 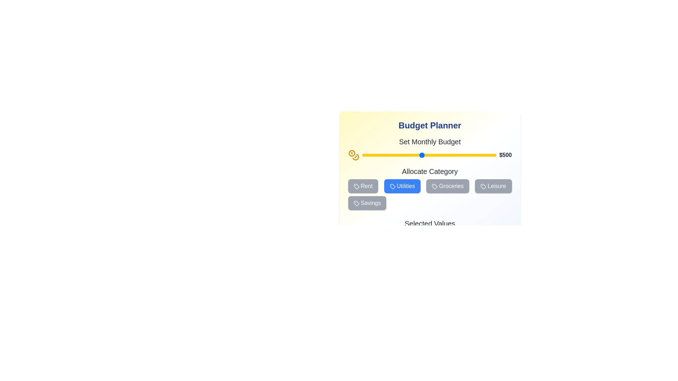 I want to click on the 'Rent' budget category button located in the lower part of the 'Budget Planner' card, so click(x=363, y=186).